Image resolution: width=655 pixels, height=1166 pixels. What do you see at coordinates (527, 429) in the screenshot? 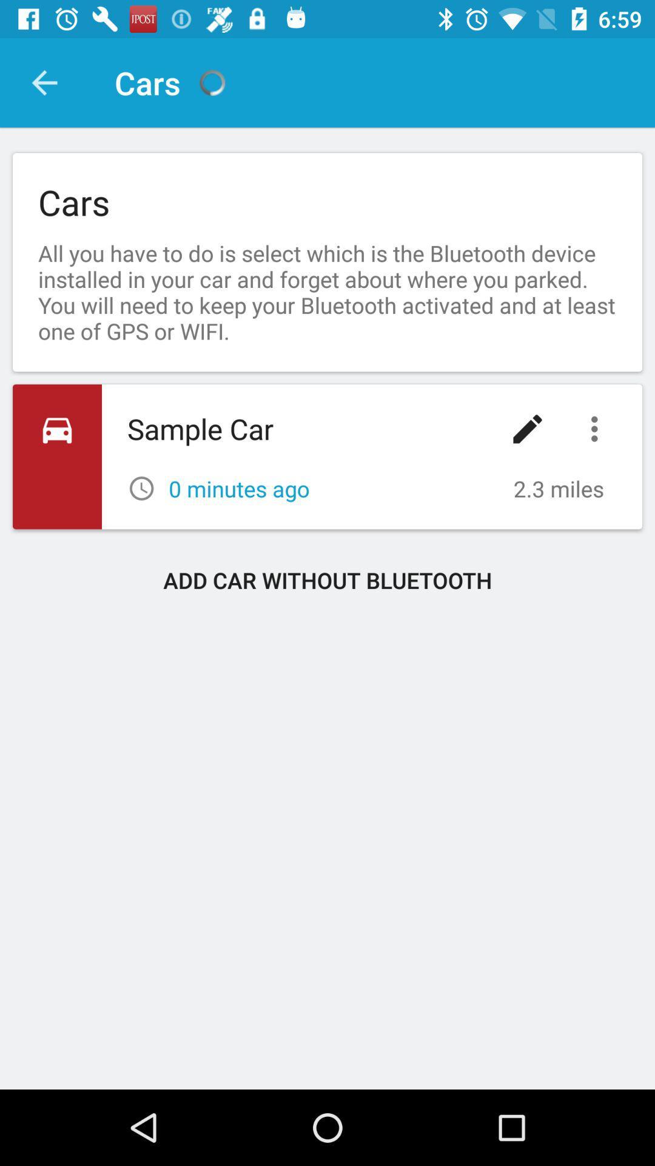
I see `icon below all you have` at bounding box center [527, 429].